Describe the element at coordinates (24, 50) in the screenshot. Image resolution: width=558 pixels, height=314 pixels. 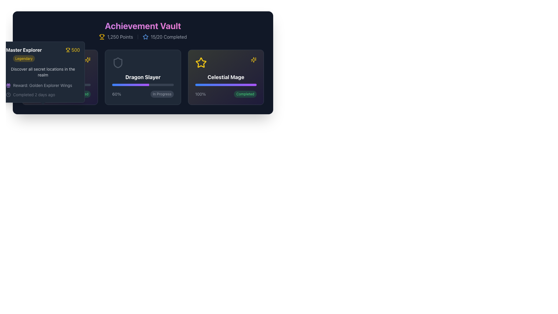
I see `the text label that serves as the title of the achievement card, located at the top left corner, directly above the 'Legendary' badge text` at that location.